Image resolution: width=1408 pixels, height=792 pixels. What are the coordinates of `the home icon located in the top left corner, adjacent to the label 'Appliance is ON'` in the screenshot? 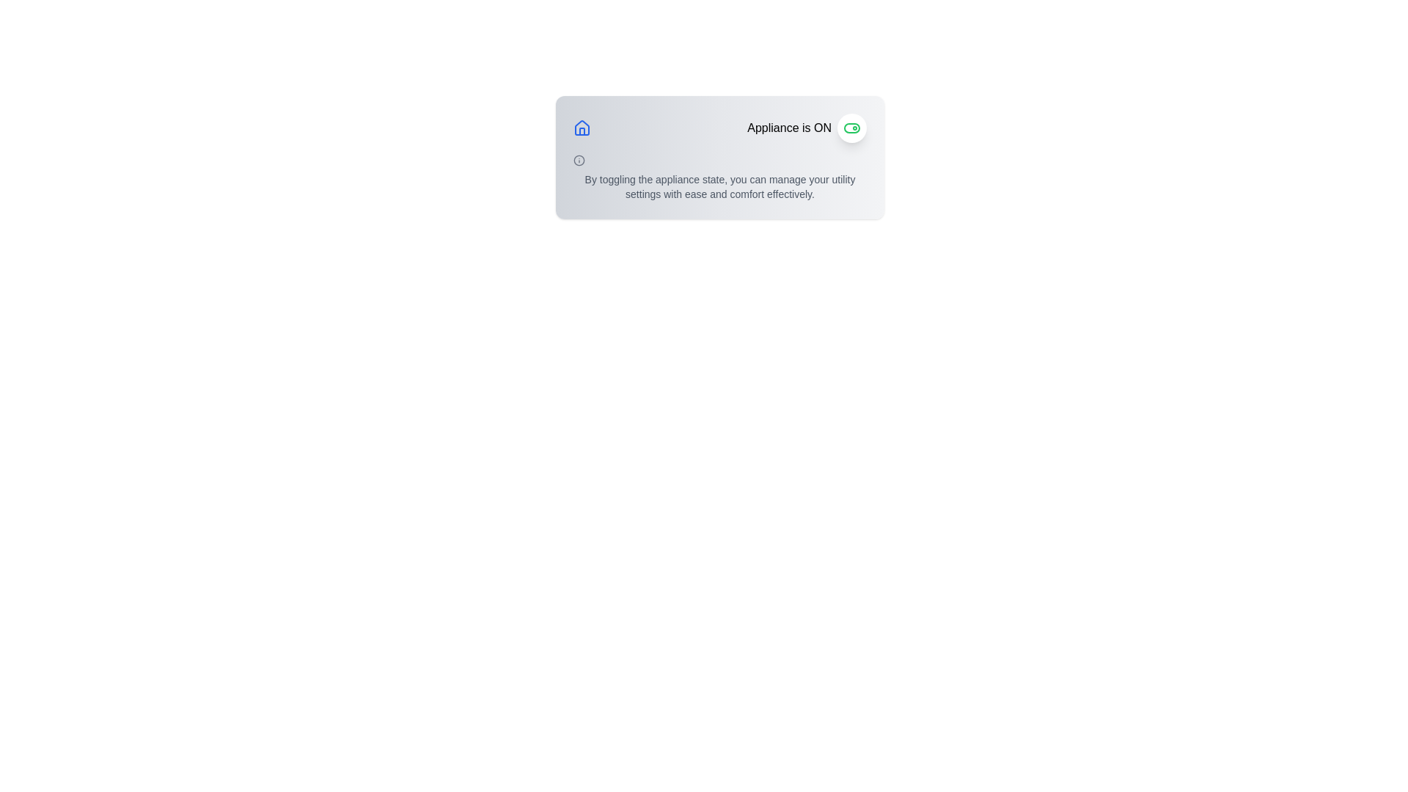 It's located at (581, 127).